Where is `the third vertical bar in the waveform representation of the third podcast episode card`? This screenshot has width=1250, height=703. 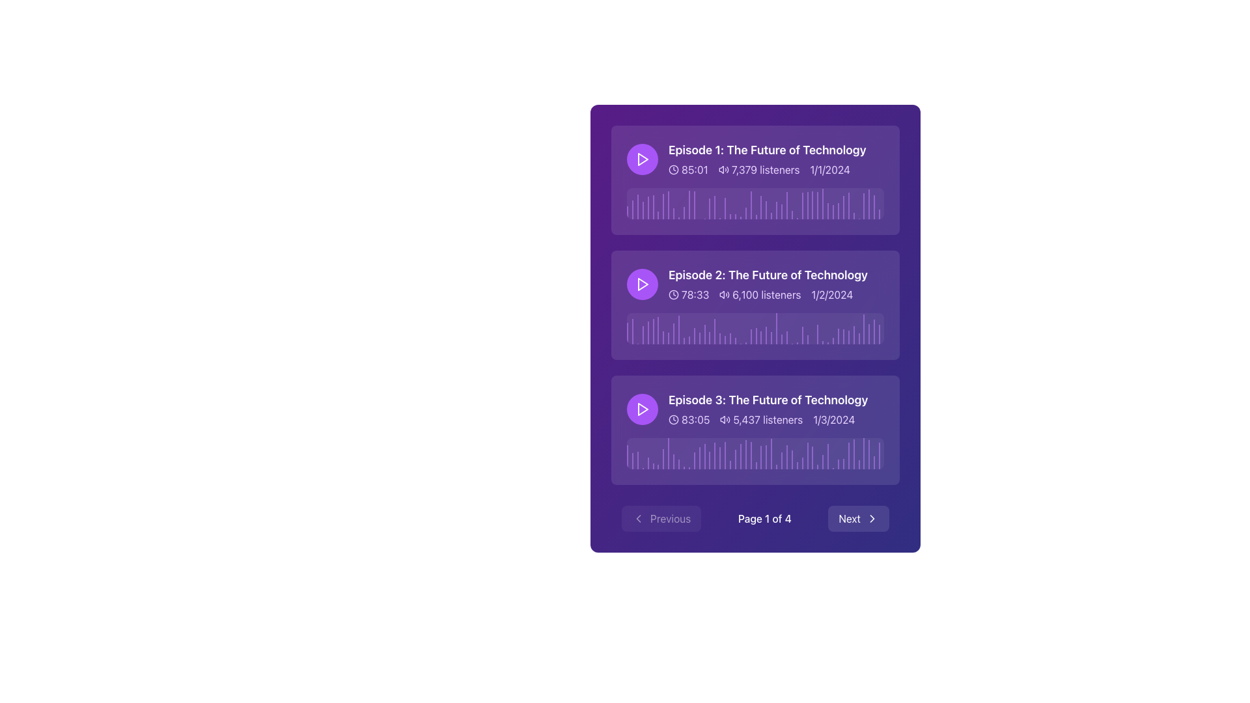
the third vertical bar in the waveform representation of the third podcast episode card is located at coordinates (637, 460).